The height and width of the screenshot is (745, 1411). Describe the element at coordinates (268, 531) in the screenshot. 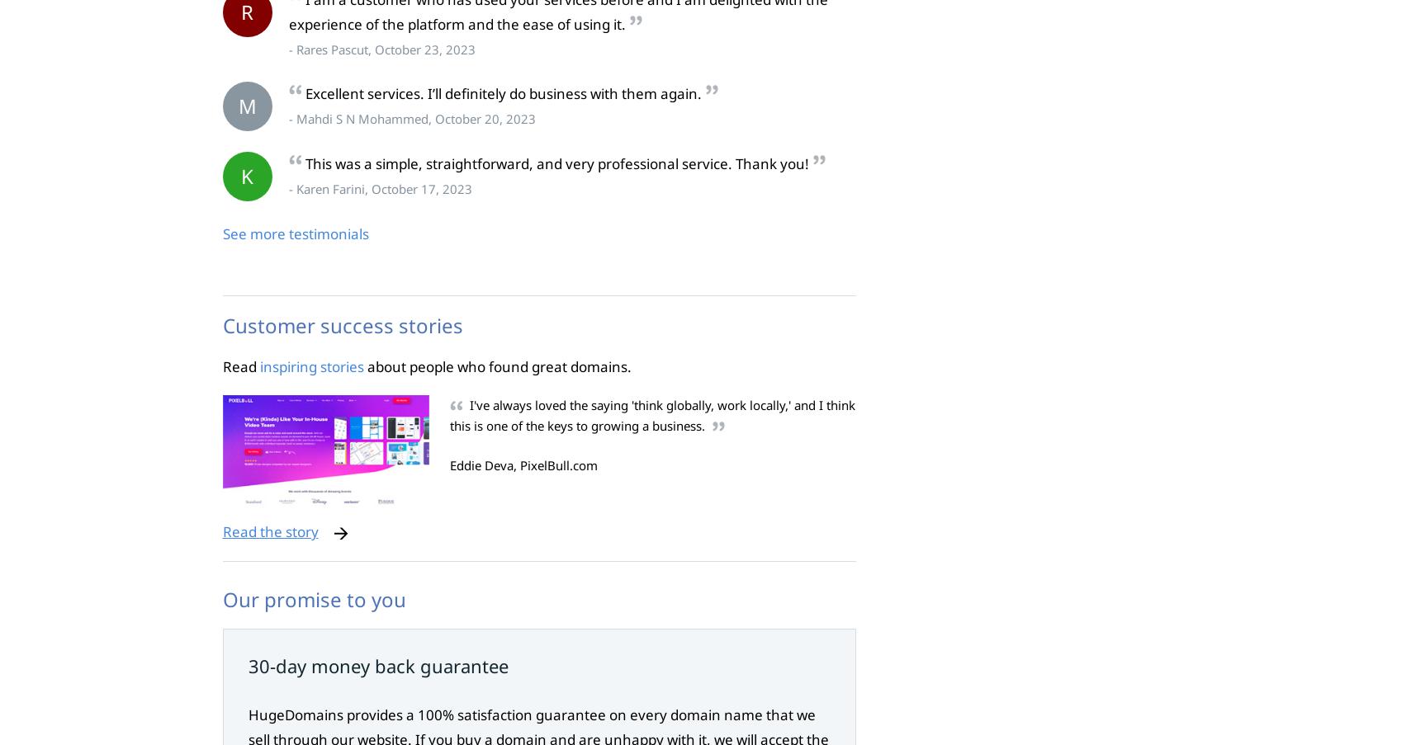

I see `'Read the story'` at that location.